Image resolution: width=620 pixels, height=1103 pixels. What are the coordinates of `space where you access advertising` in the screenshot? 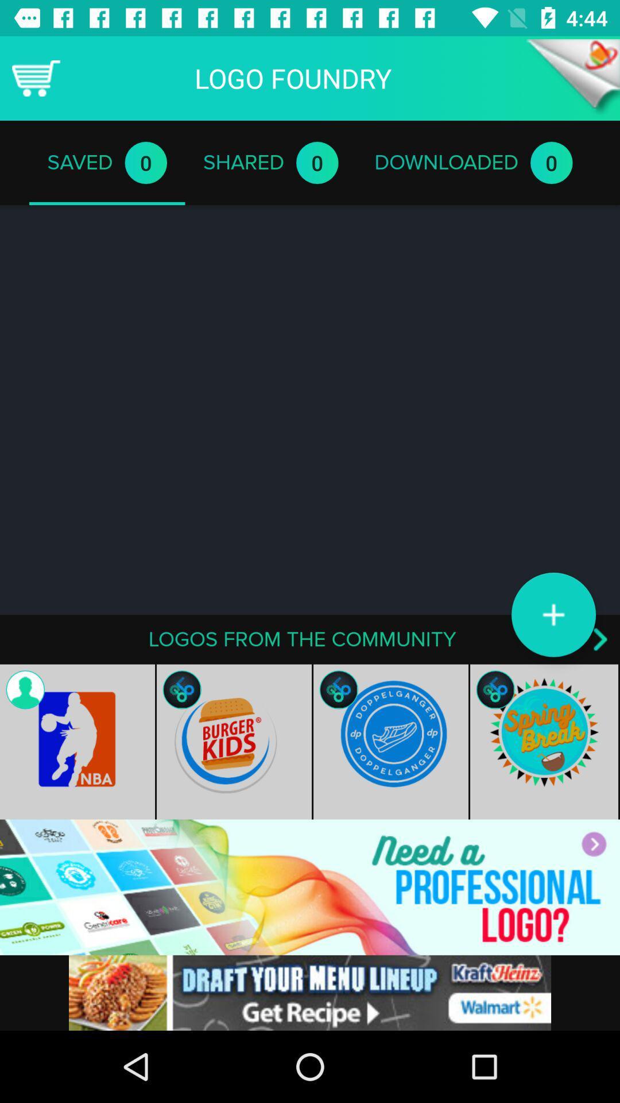 It's located at (310, 992).